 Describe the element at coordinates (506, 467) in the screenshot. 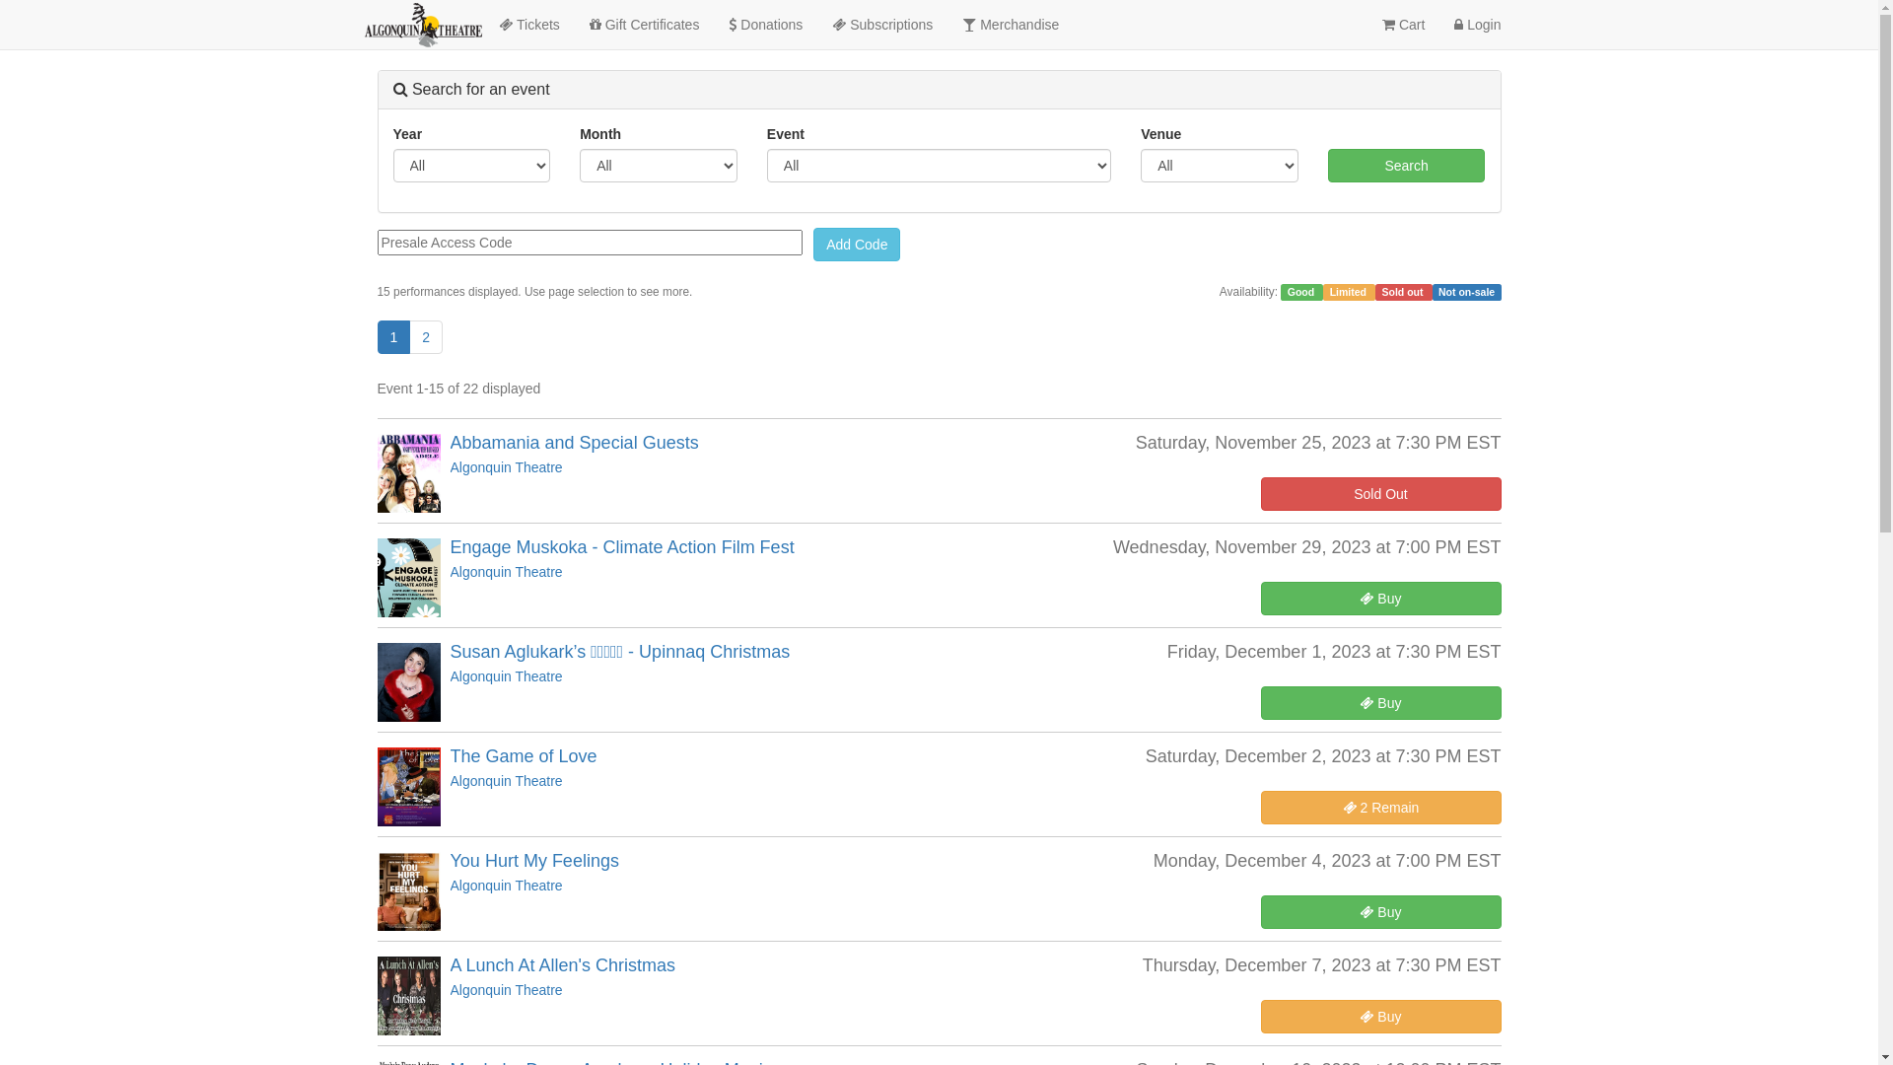

I see `'Algonquin Theatre'` at that location.